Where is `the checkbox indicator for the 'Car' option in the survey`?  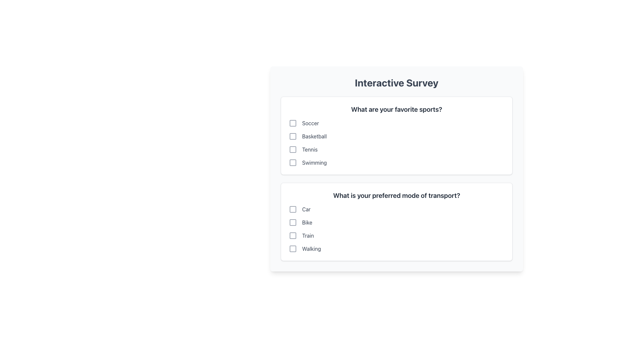 the checkbox indicator for the 'Car' option in the survey is located at coordinates (292, 209).